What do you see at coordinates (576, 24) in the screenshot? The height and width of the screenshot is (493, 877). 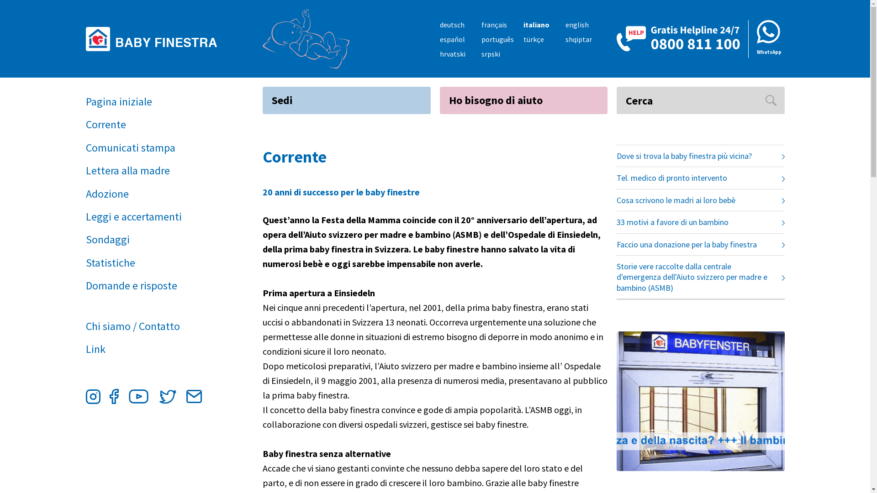 I see `'english'` at bounding box center [576, 24].